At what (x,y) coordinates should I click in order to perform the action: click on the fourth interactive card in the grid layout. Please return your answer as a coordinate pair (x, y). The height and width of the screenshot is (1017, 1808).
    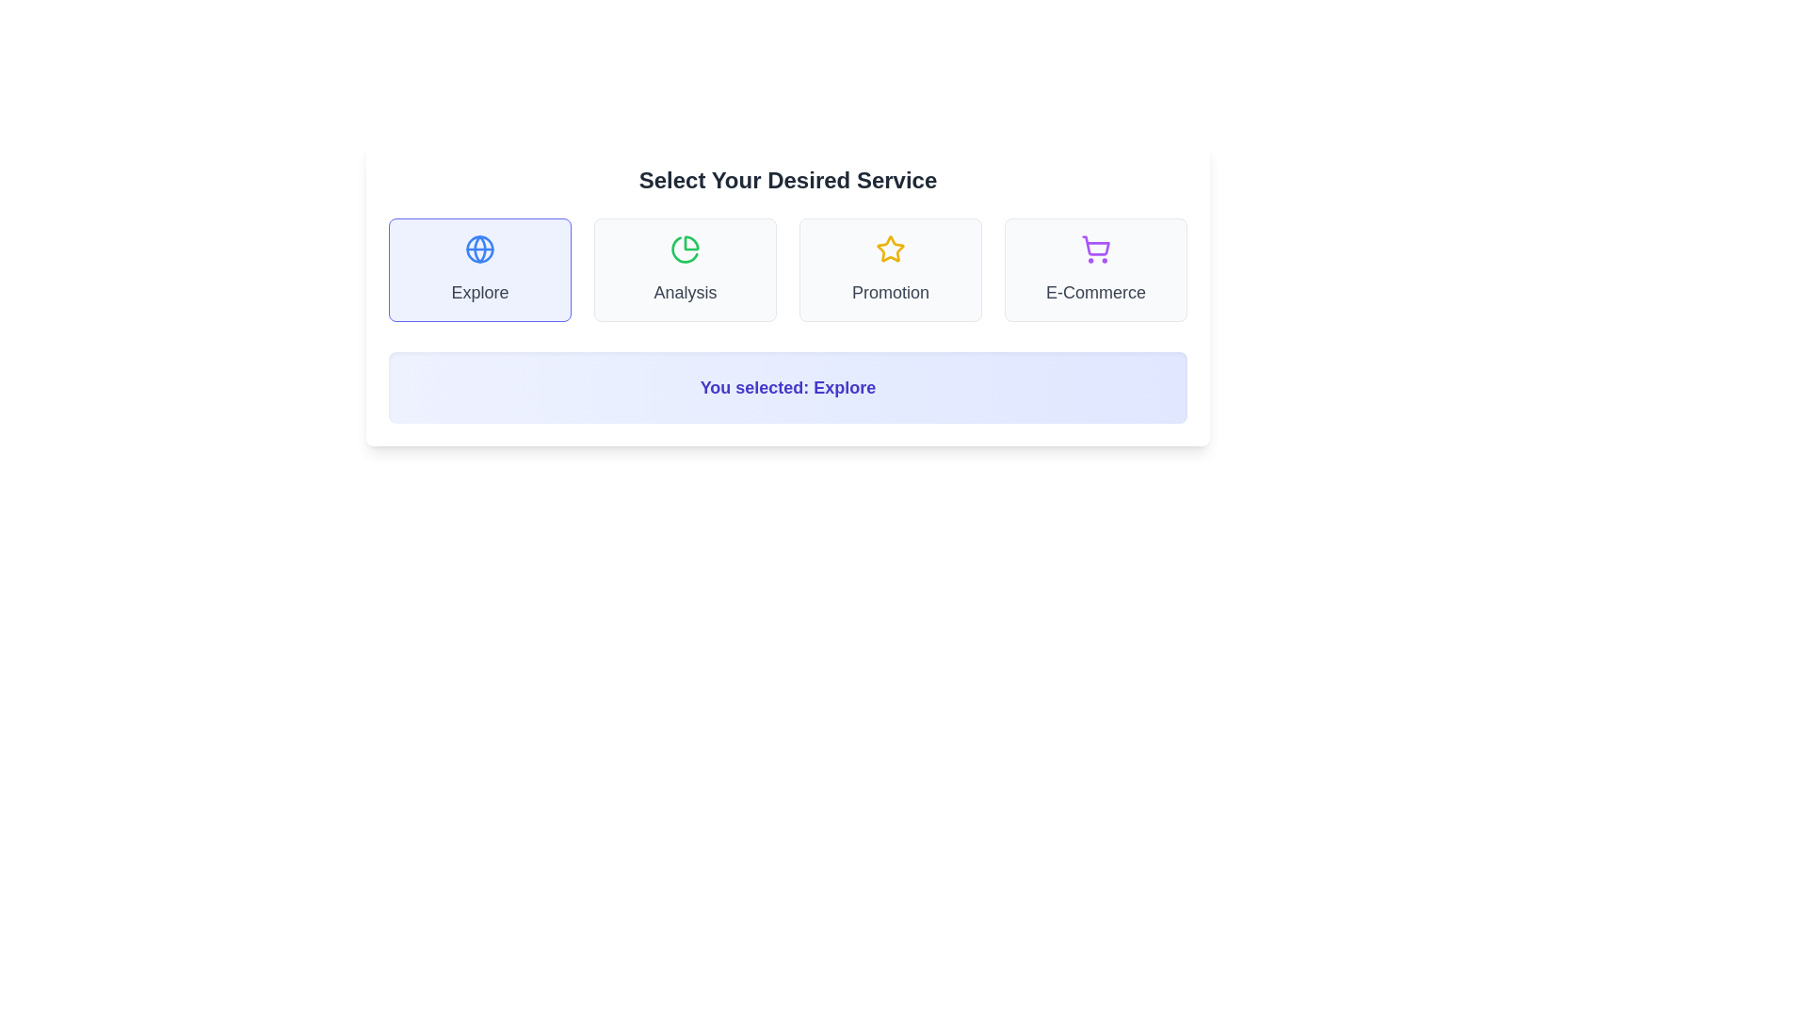
    Looking at the image, I should click on (1095, 269).